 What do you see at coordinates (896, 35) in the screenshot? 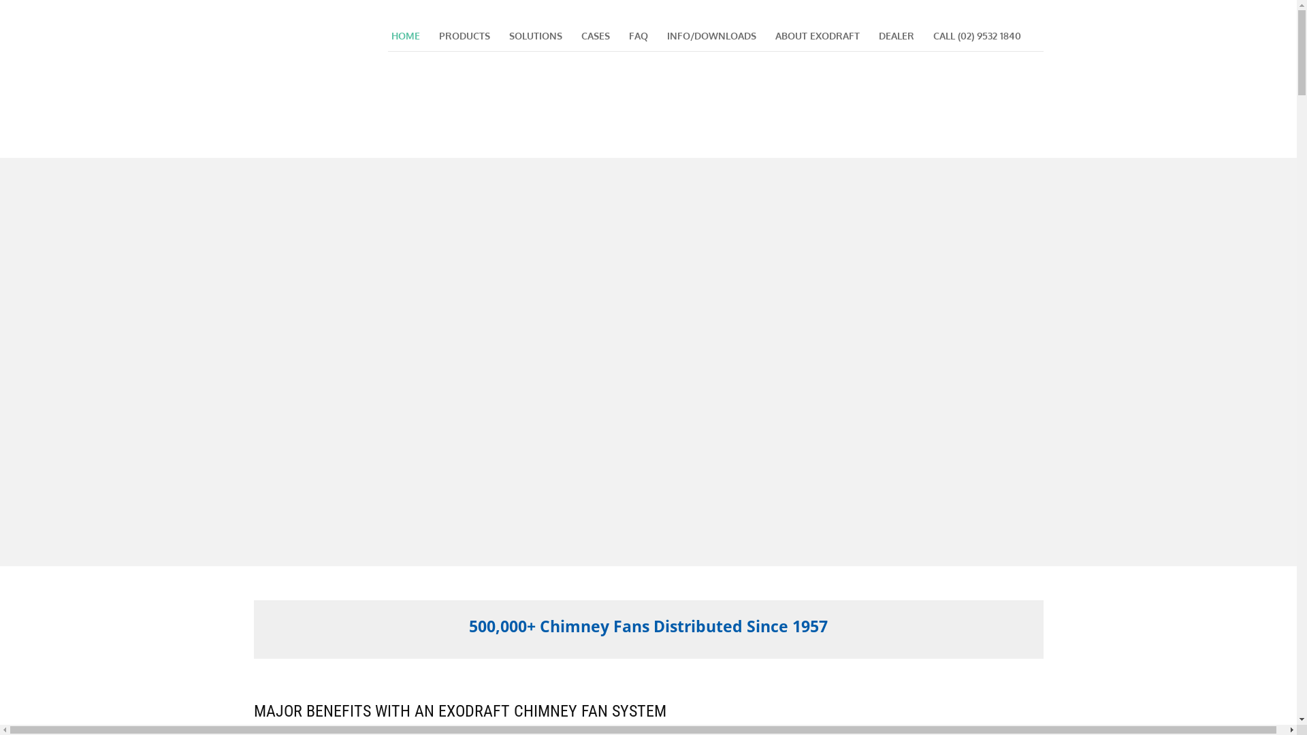
I see `'DEALER'` at bounding box center [896, 35].